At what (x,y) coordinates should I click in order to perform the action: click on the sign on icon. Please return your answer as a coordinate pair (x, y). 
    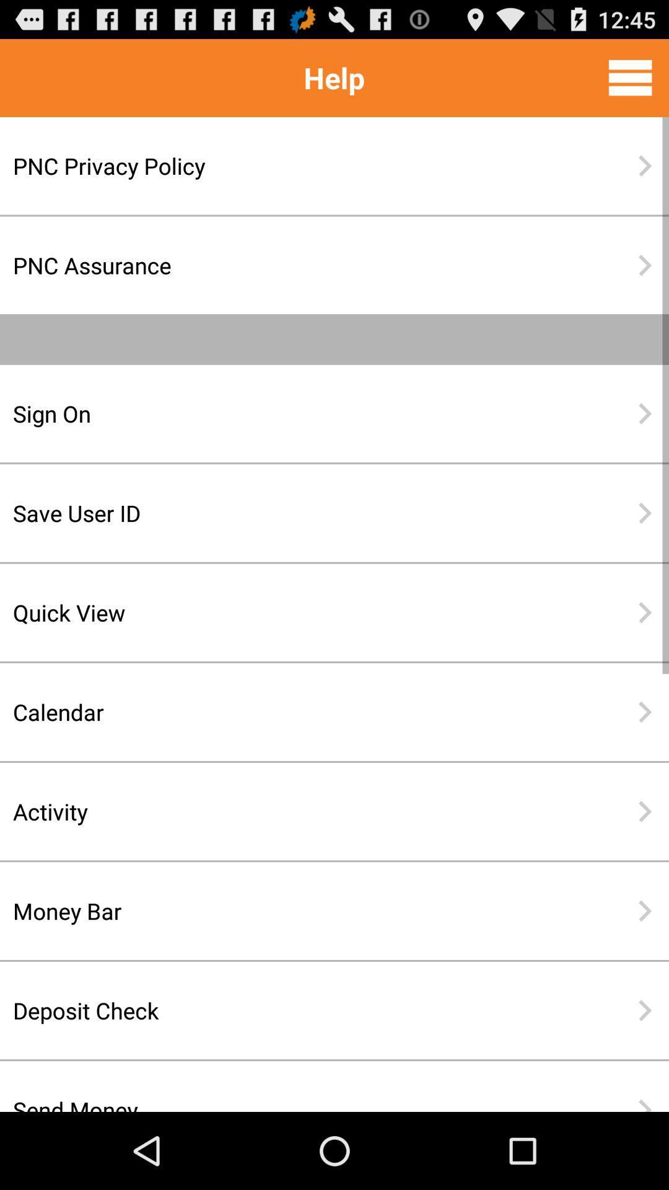
    Looking at the image, I should click on (294, 413).